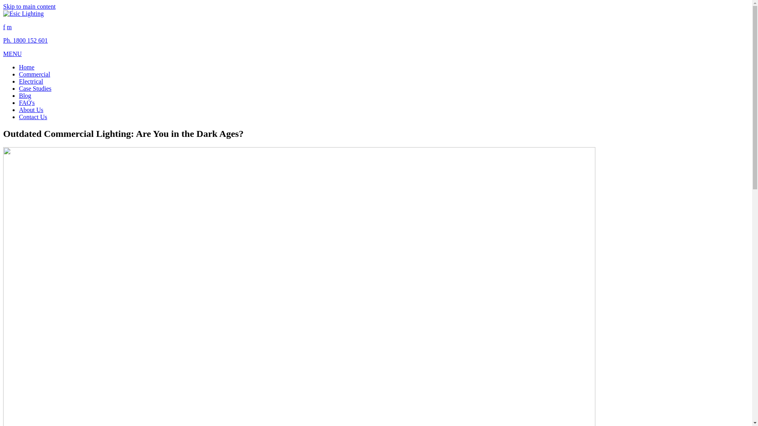 The width and height of the screenshot is (758, 426). What do you see at coordinates (19, 110) in the screenshot?
I see `'About Us'` at bounding box center [19, 110].